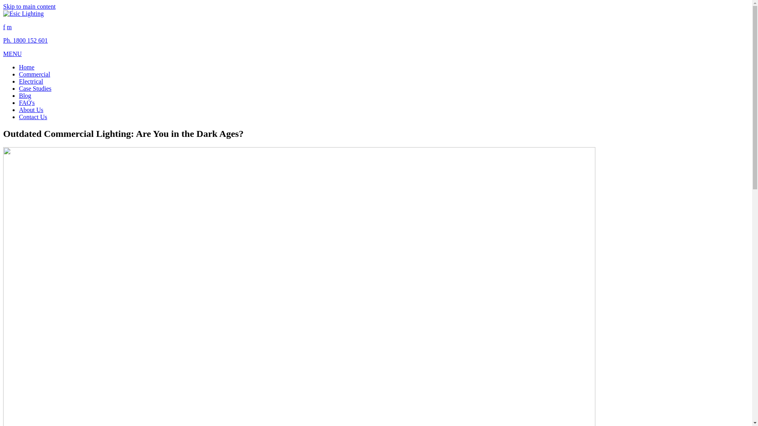 The width and height of the screenshot is (758, 426). What do you see at coordinates (19, 110) in the screenshot?
I see `'About Us'` at bounding box center [19, 110].